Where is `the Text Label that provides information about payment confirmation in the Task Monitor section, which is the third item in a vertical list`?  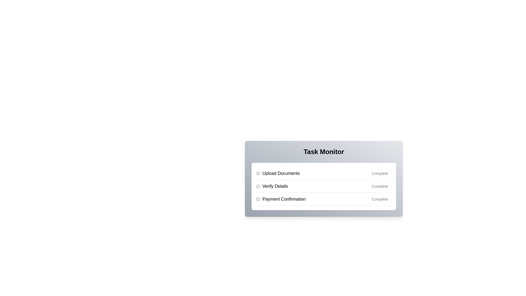 the Text Label that provides information about payment confirmation in the Task Monitor section, which is the third item in a vertical list is located at coordinates (284, 199).